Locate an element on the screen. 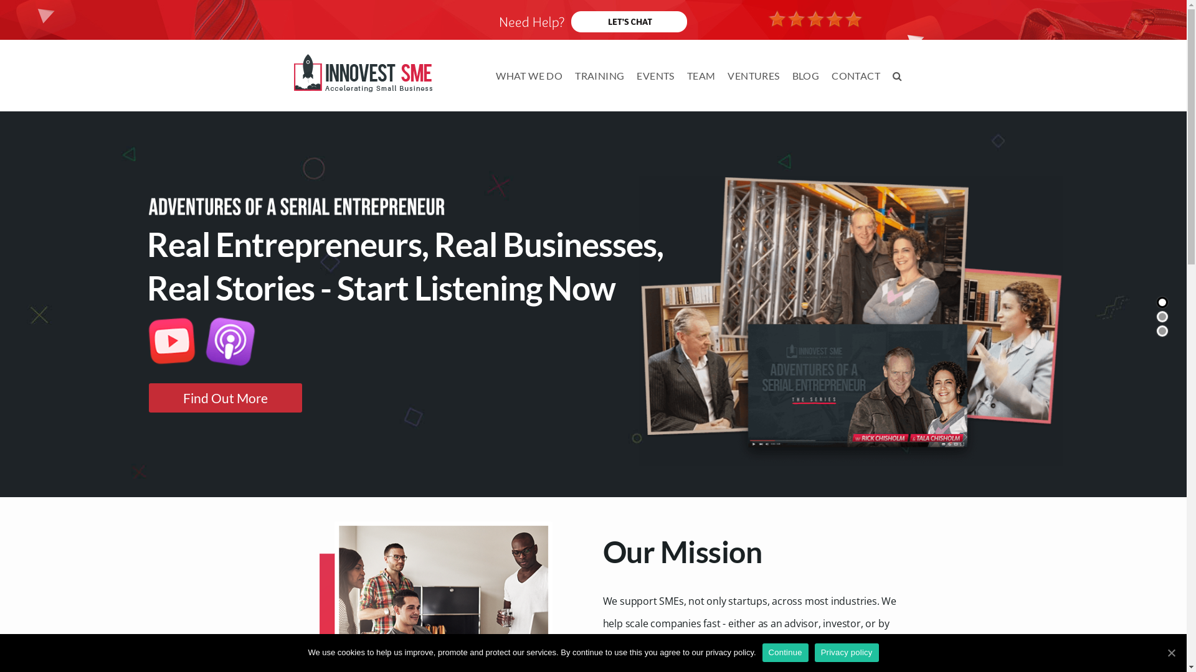  'VENTURES' is located at coordinates (752, 76).